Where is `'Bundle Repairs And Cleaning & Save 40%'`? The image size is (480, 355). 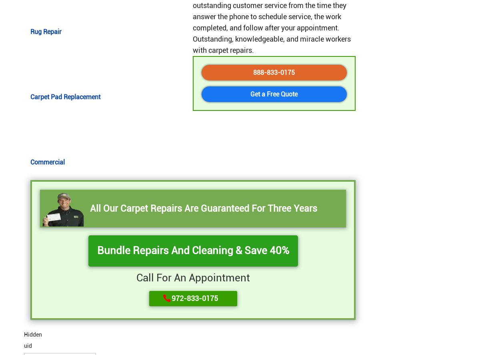 'Bundle Repairs And Cleaning & Save 40%' is located at coordinates (192, 250).